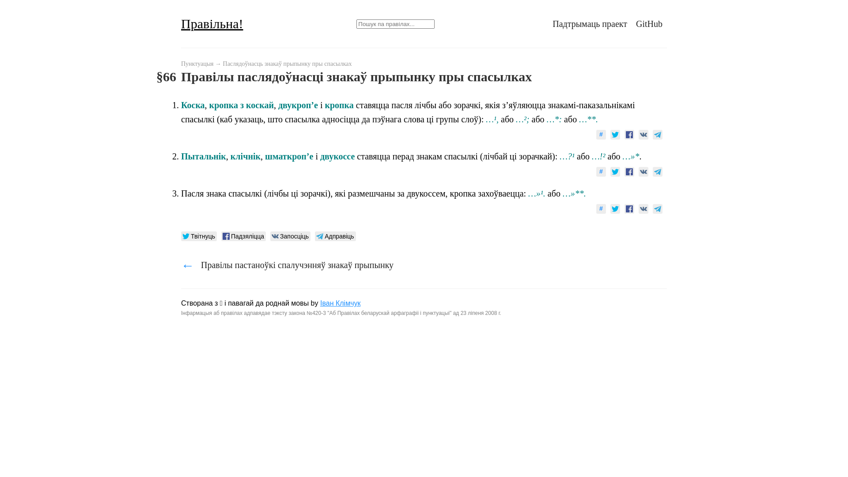 This screenshot has width=848, height=477. I want to click on '#', so click(596, 134).